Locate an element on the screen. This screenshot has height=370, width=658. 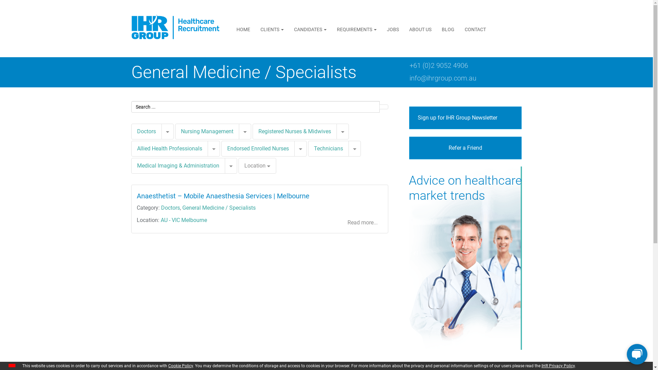
'Toggle Dropdown' is located at coordinates (342, 132).